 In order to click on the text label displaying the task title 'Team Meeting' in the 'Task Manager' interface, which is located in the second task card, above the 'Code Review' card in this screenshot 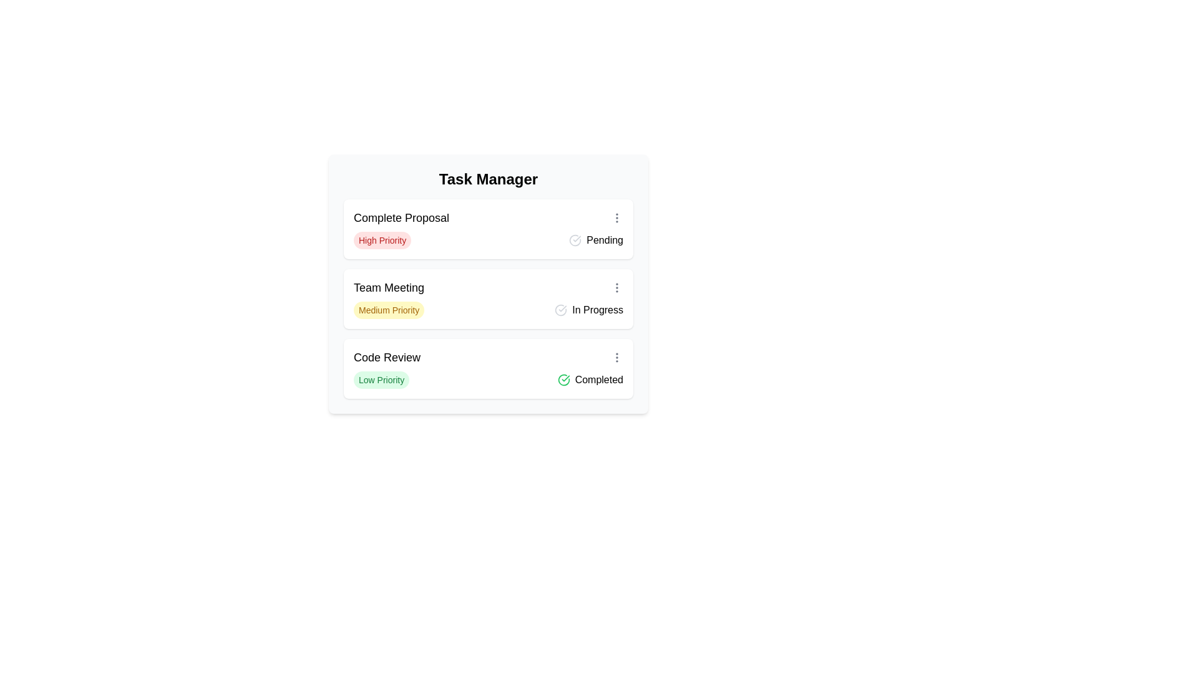, I will do `click(388, 288)`.